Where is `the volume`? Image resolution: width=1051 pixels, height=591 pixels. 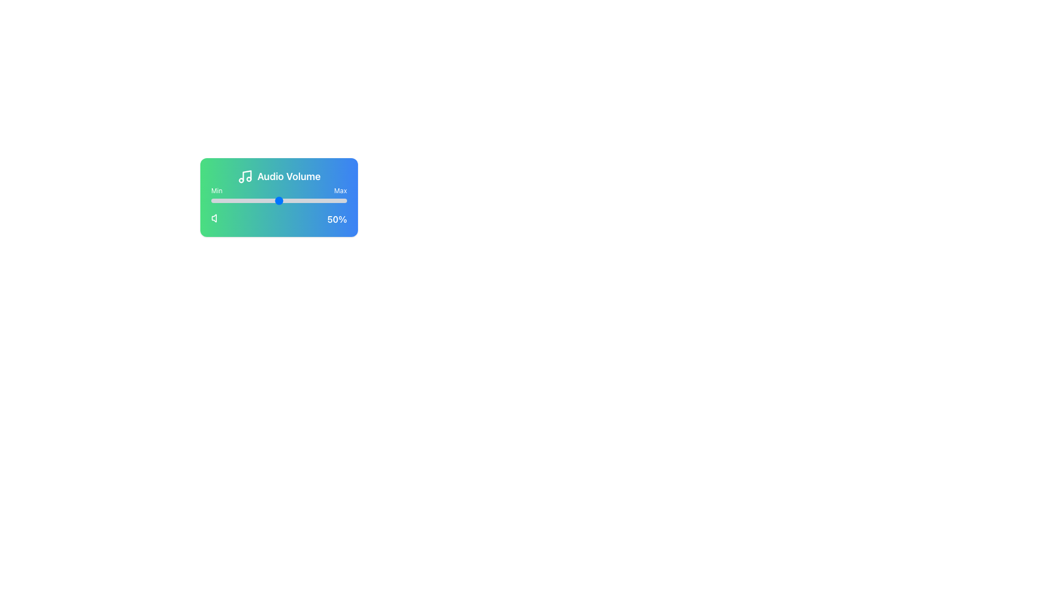 the volume is located at coordinates (242, 200).